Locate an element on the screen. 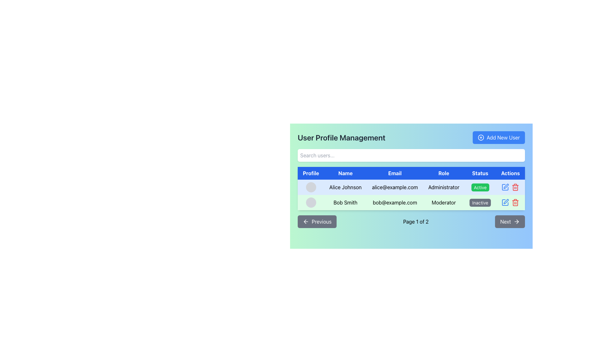  the table cell displaying Alice Johnson's email address is located at coordinates (411, 182).